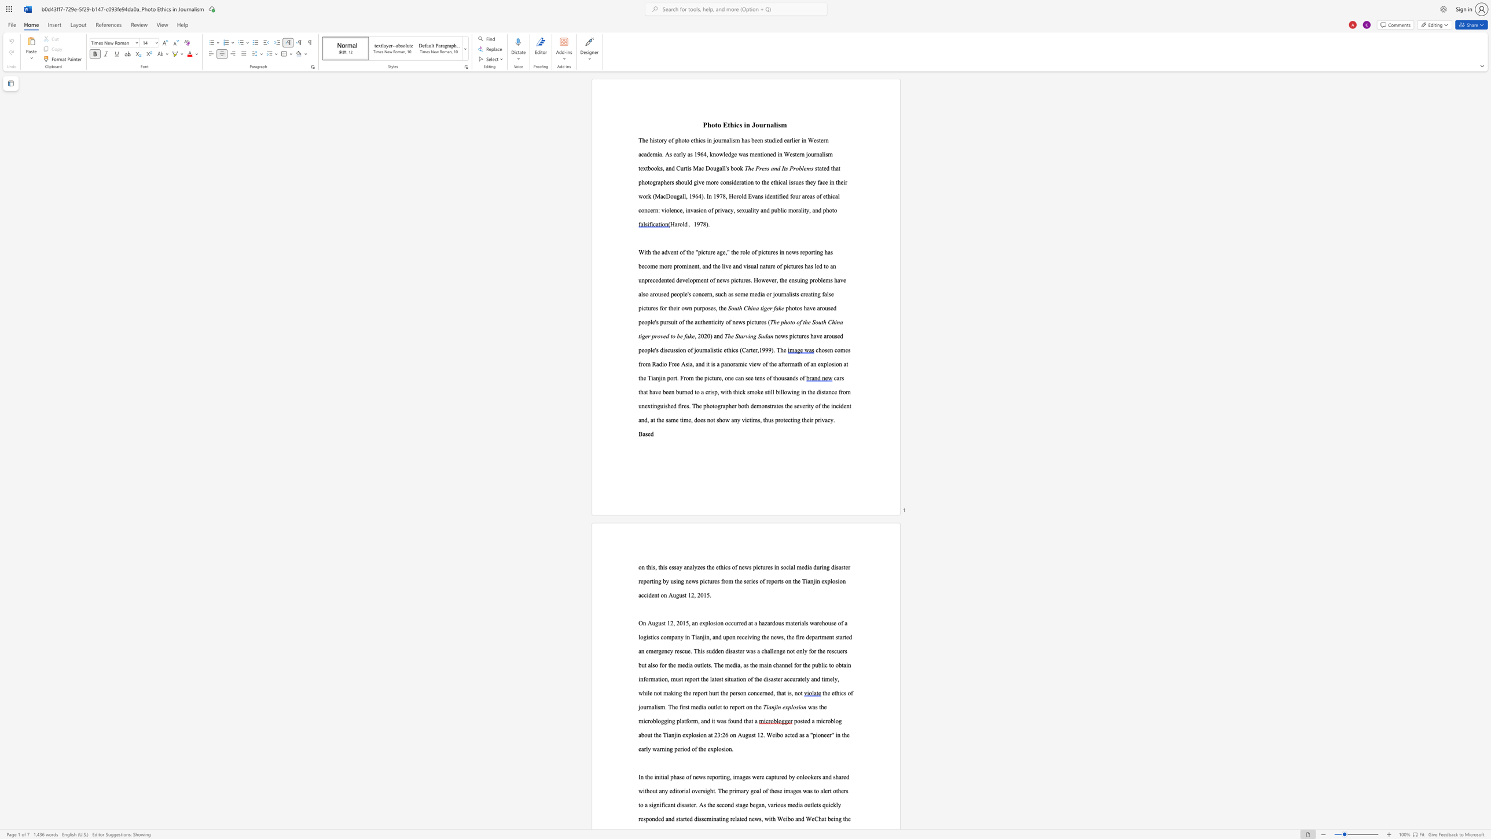 The height and width of the screenshot is (839, 1491). Describe the element at coordinates (681, 210) in the screenshot. I see `the subset text ", invasion of privacy, sexuality and publ" within the text "four areas of ethical concern: violence, invasion of privacy, sexuality and public morality, and photo"` at that location.